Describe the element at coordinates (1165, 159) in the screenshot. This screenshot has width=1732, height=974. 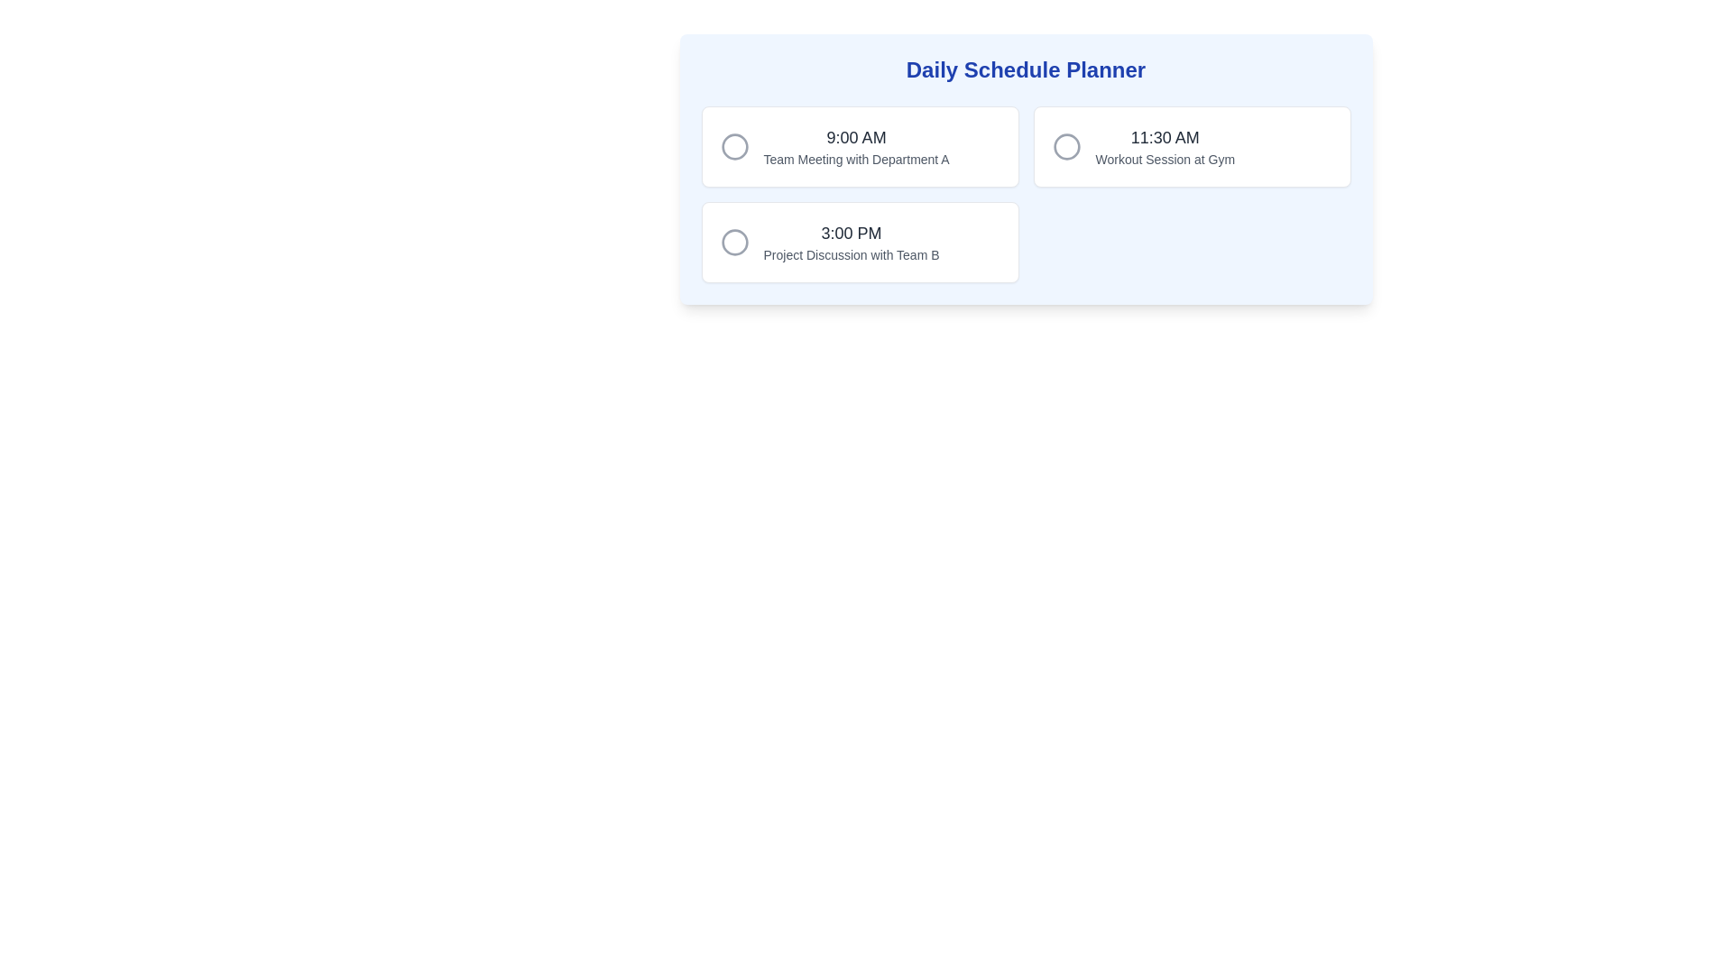
I see `the text label displaying 'Workout Session at Gym' located below '11:30 AM' in the top right schedule card to read its content` at that location.